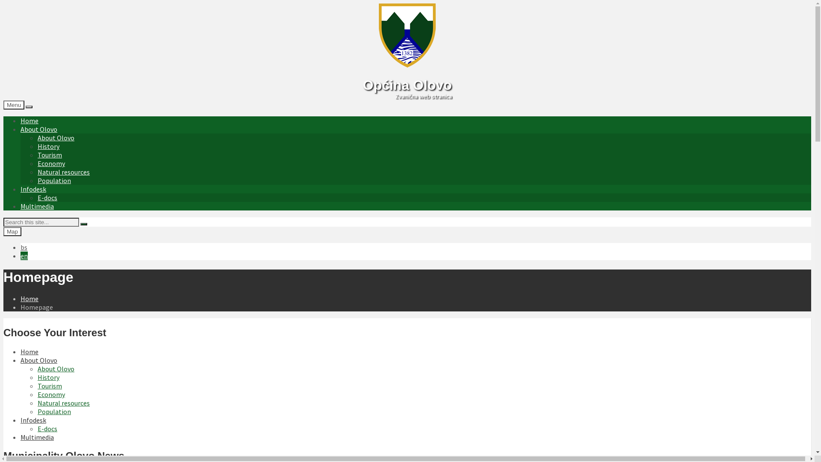  What do you see at coordinates (51, 394) in the screenshot?
I see `'Economy'` at bounding box center [51, 394].